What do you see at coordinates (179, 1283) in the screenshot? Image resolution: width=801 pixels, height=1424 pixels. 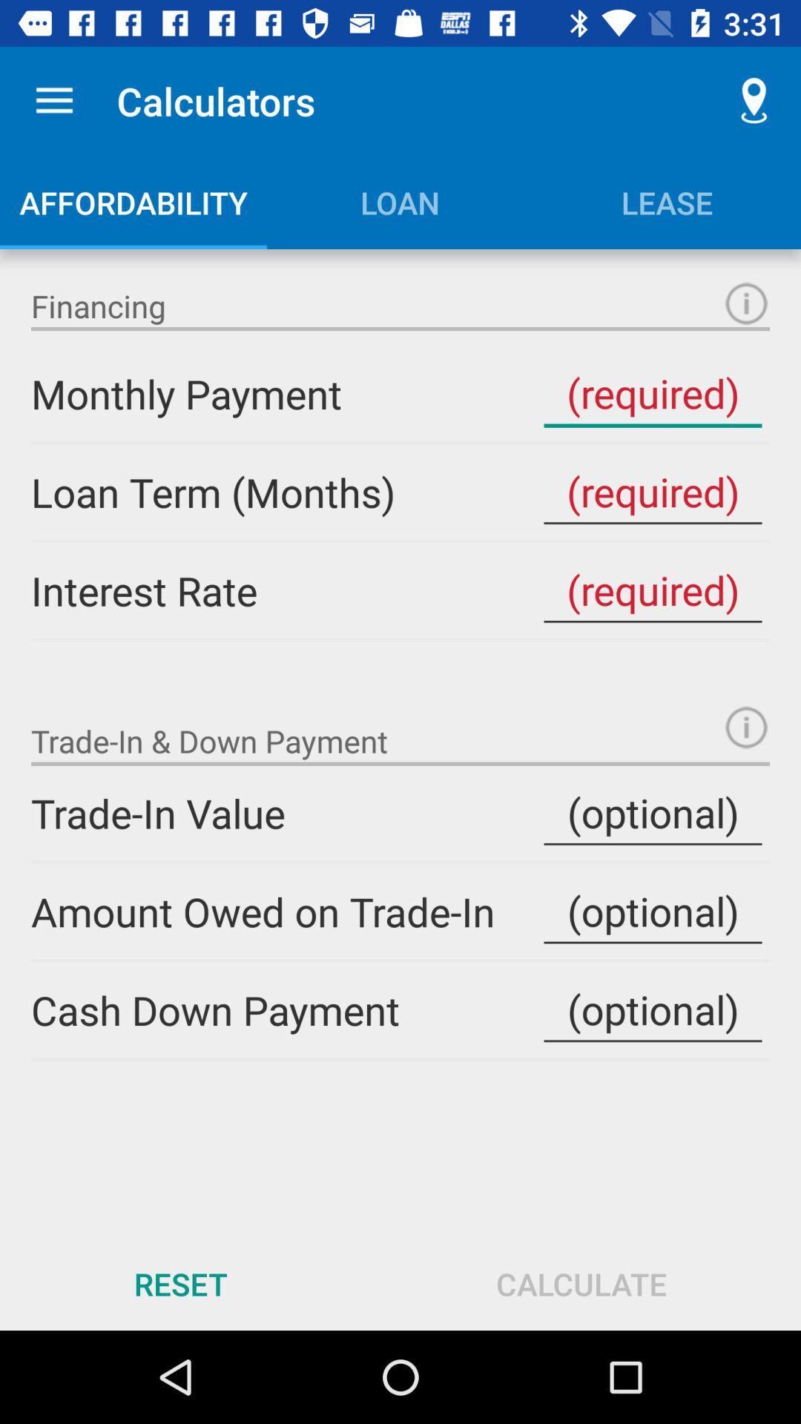 I see `the item to the left of calculate item` at bounding box center [179, 1283].